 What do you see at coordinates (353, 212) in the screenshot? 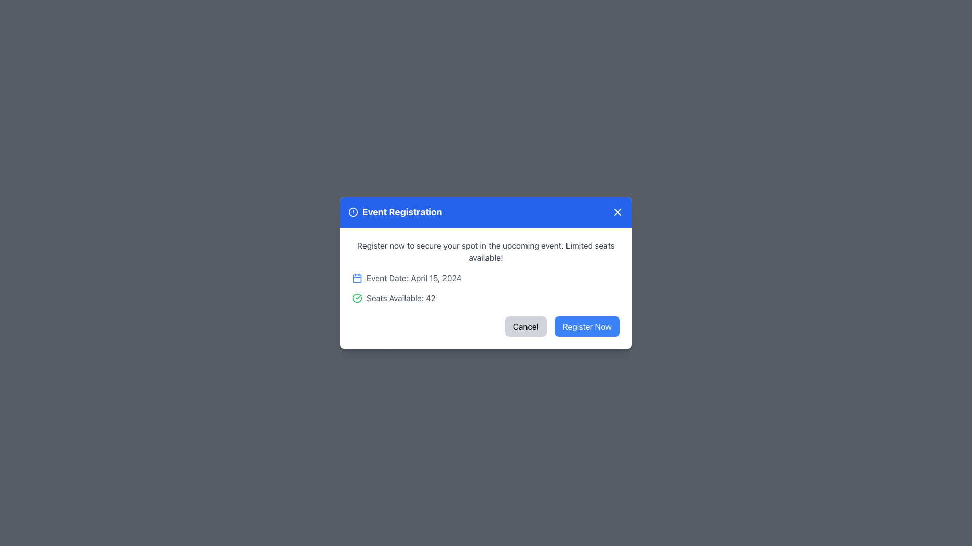
I see `the circular alert icon with a blue outline and white center, which is positioned to the left of the 'Event Registration' heading text` at bounding box center [353, 212].